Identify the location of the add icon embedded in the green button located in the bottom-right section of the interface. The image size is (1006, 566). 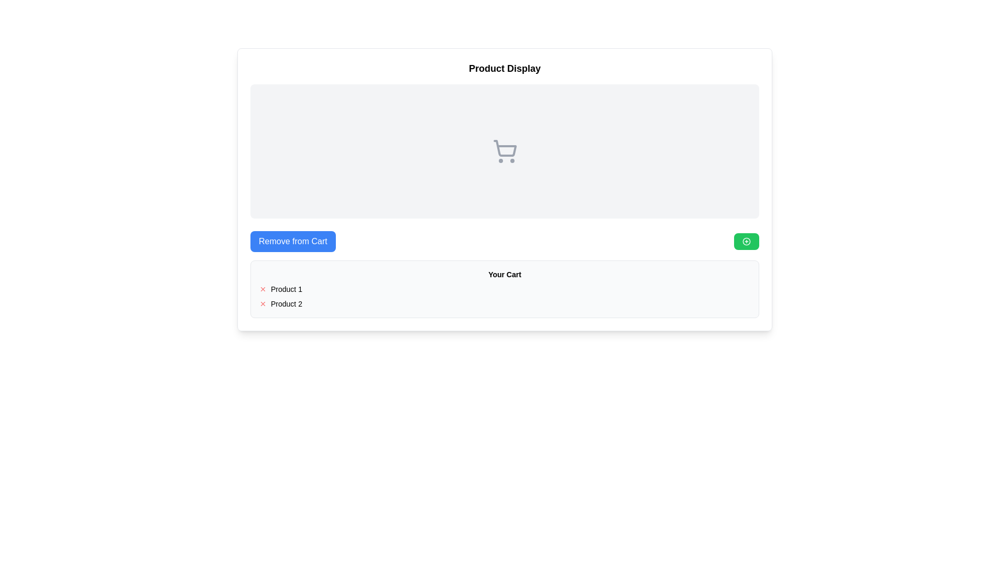
(746, 242).